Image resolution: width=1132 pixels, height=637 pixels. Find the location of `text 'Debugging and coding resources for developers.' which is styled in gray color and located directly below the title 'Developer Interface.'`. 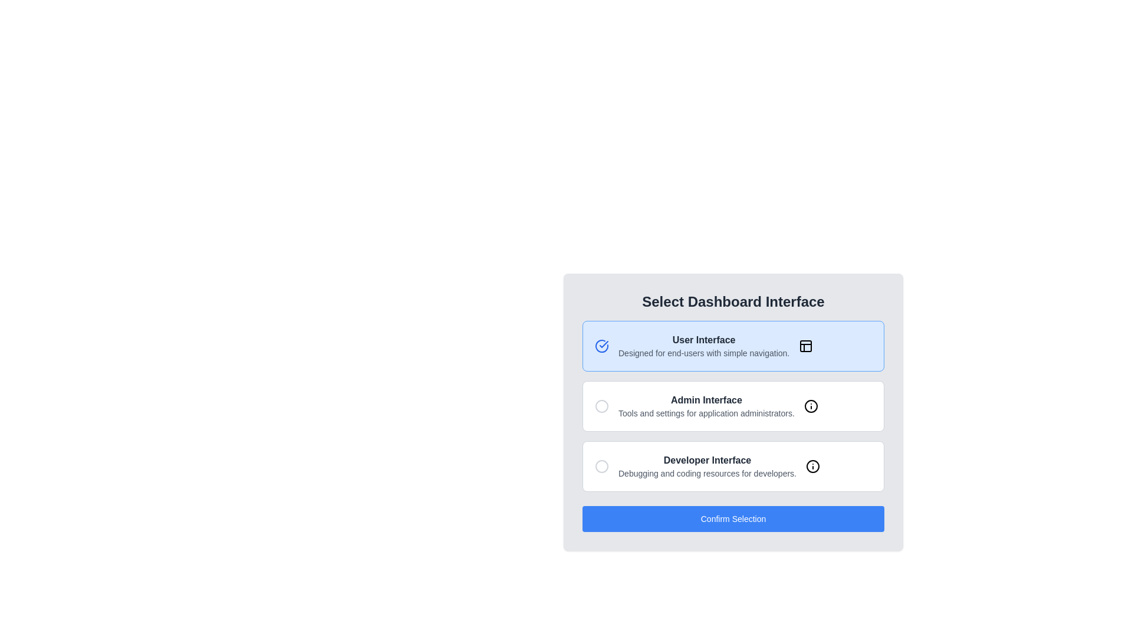

text 'Debugging and coding resources for developers.' which is styled in gray color and located directly below the title 'Developer Interface.' is located at coordinates (707, 472).